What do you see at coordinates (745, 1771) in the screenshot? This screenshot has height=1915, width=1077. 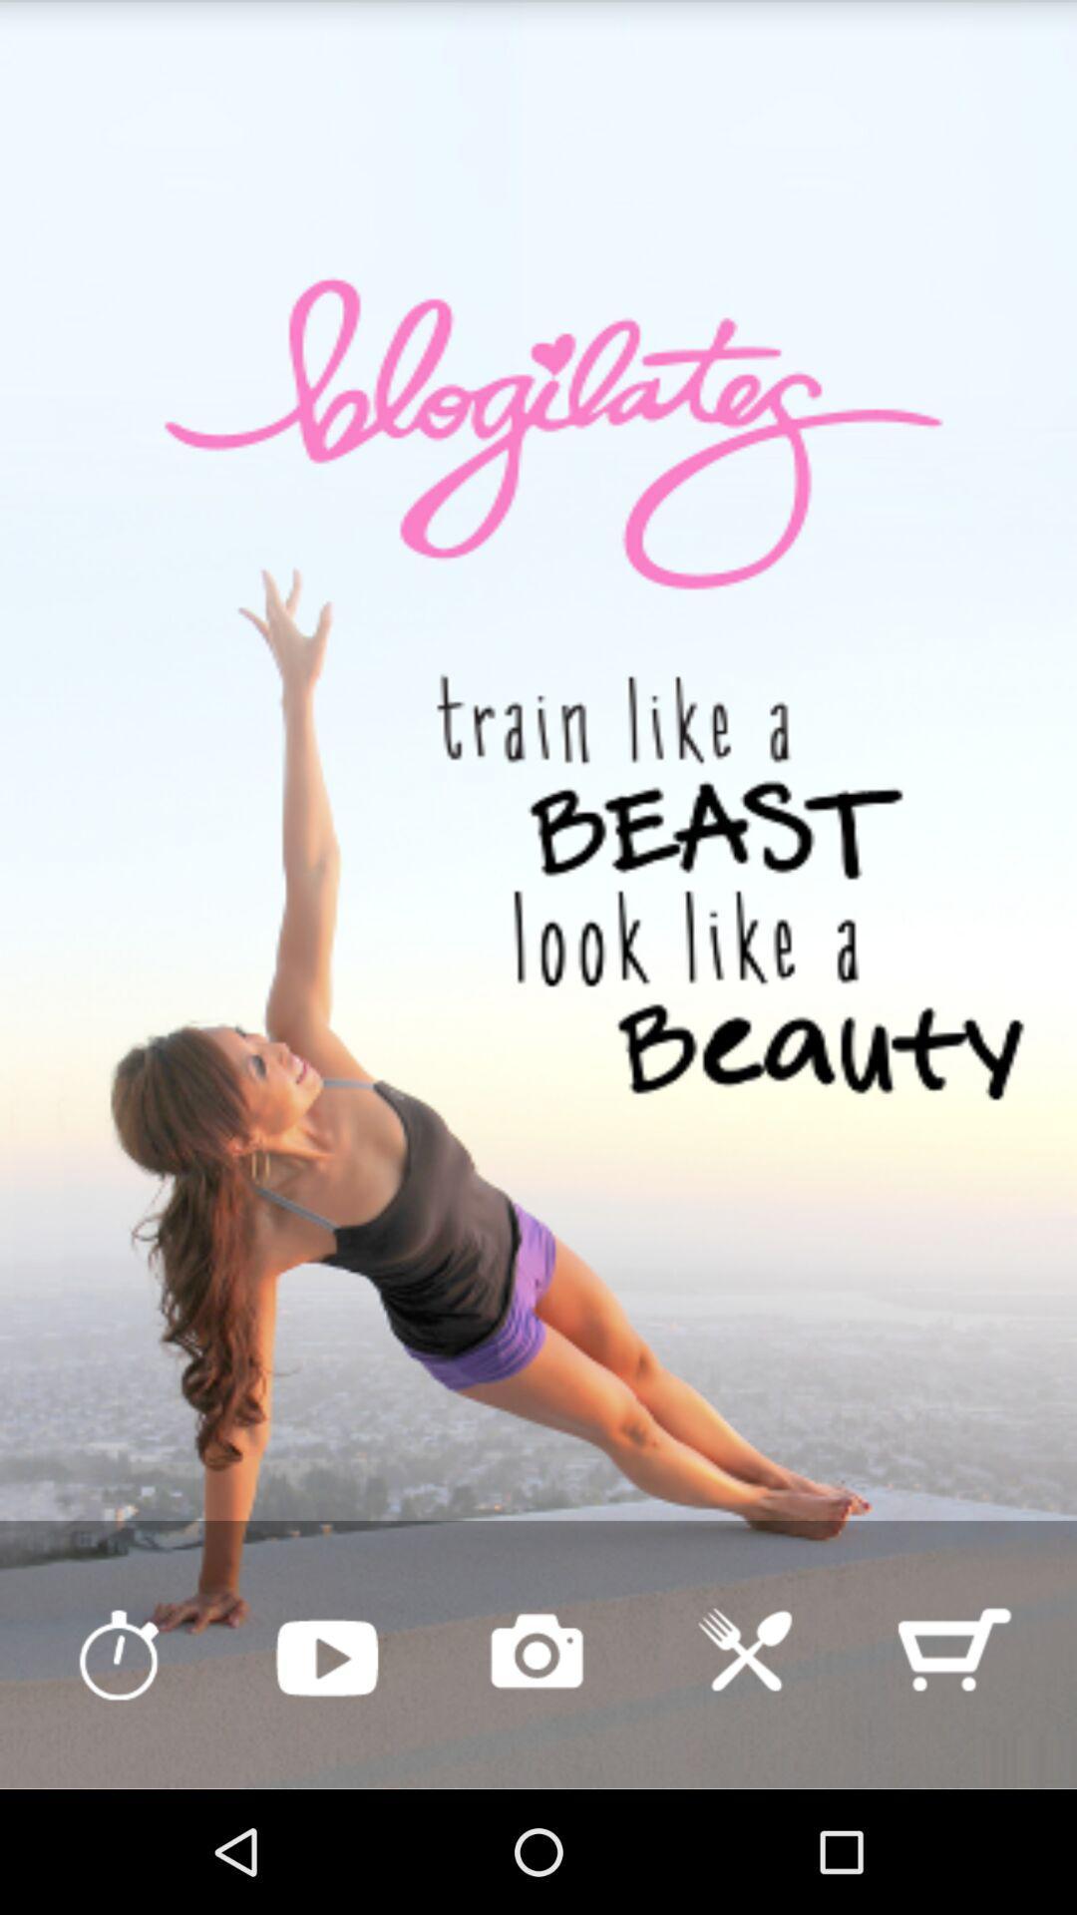 I see `the close icon` at bounding box center [745, 1771].